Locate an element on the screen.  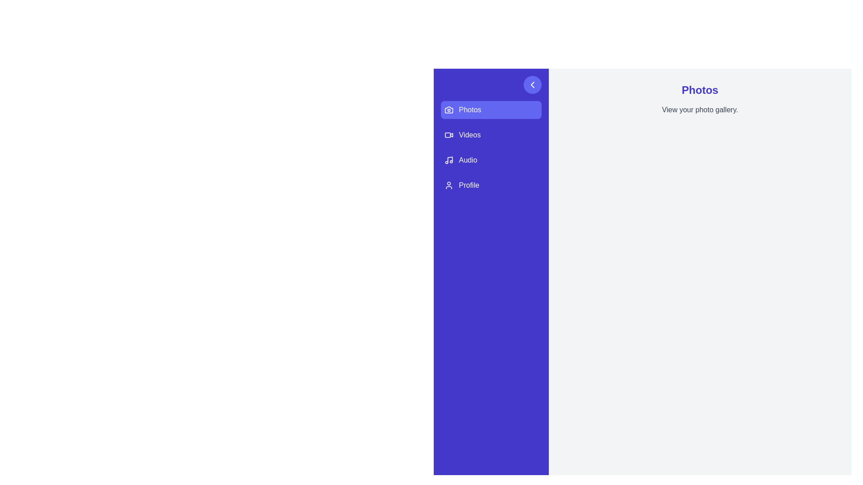
the musical note icon in the 'Audio' menu located in the navigation pane, which is rendered in a minimalistic line art style and positioned to the left of the 'Audio' label text is located at coordinates (449, 160).